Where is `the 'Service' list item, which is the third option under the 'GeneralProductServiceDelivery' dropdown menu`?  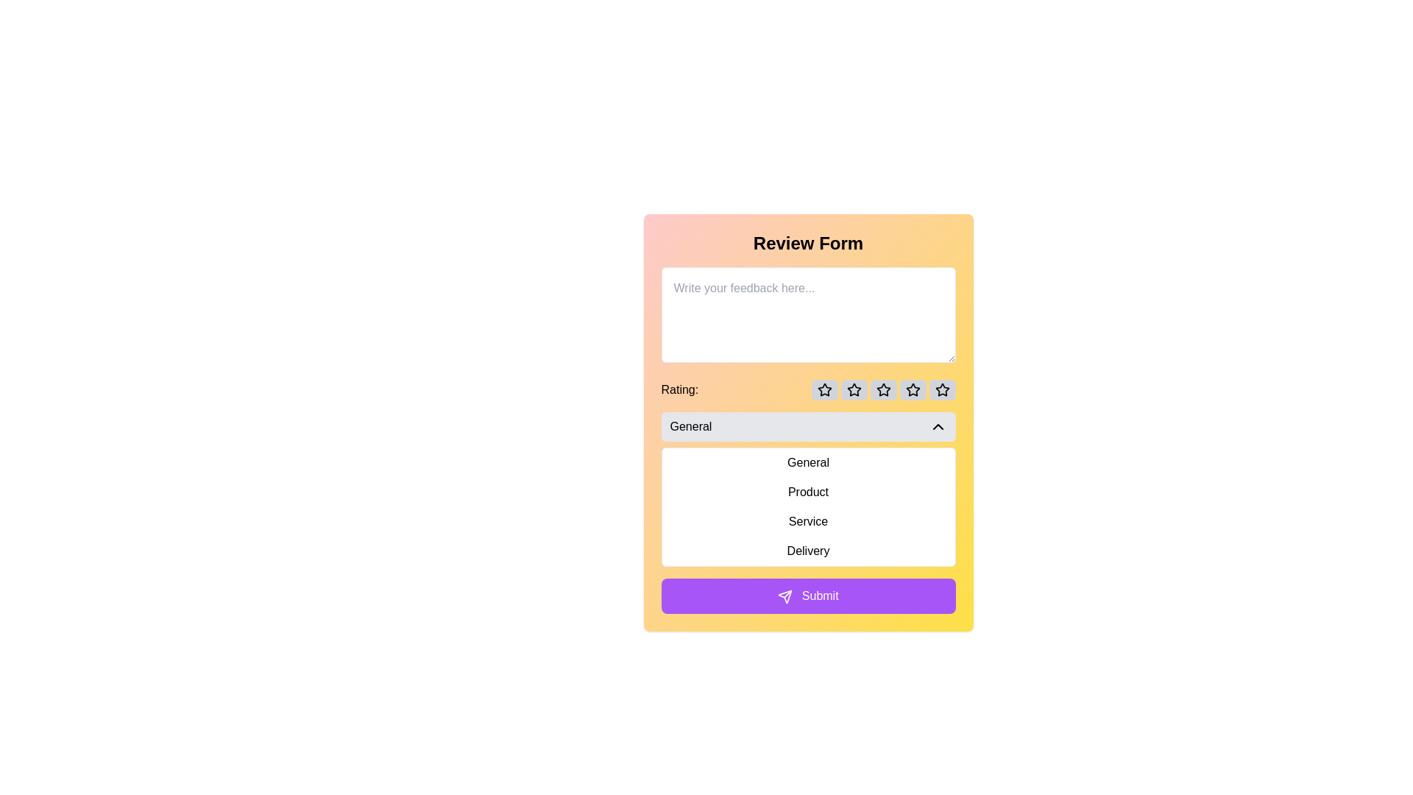
the 'Service' list item, which is the third option under the 'GeneralProductServiceDelivery' dropdown menu is located at coordinates (807, 521).